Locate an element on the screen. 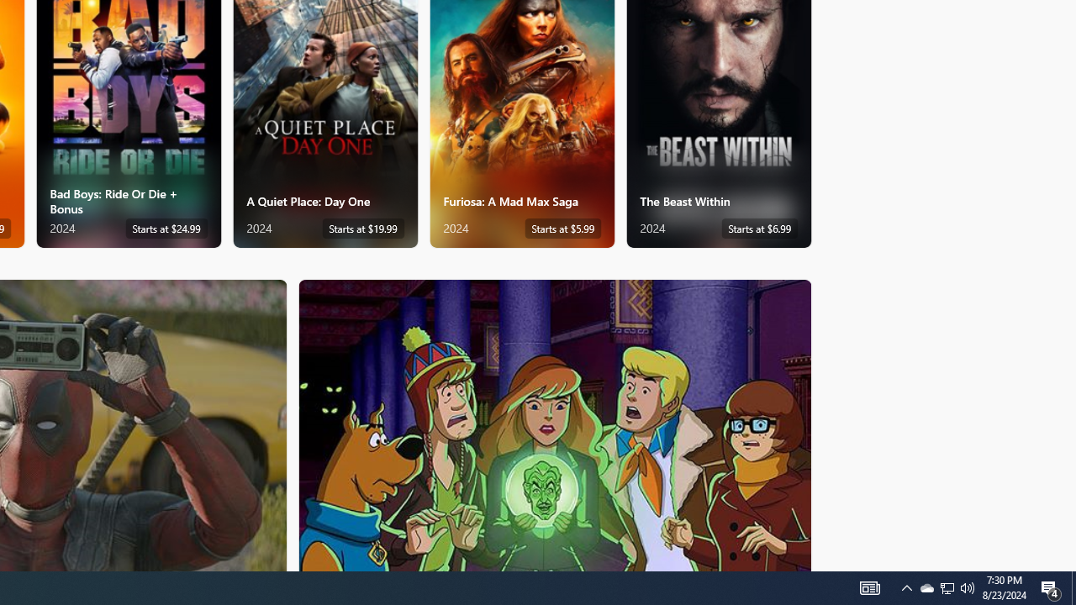  'Family' is located at coordinates (555, 423).